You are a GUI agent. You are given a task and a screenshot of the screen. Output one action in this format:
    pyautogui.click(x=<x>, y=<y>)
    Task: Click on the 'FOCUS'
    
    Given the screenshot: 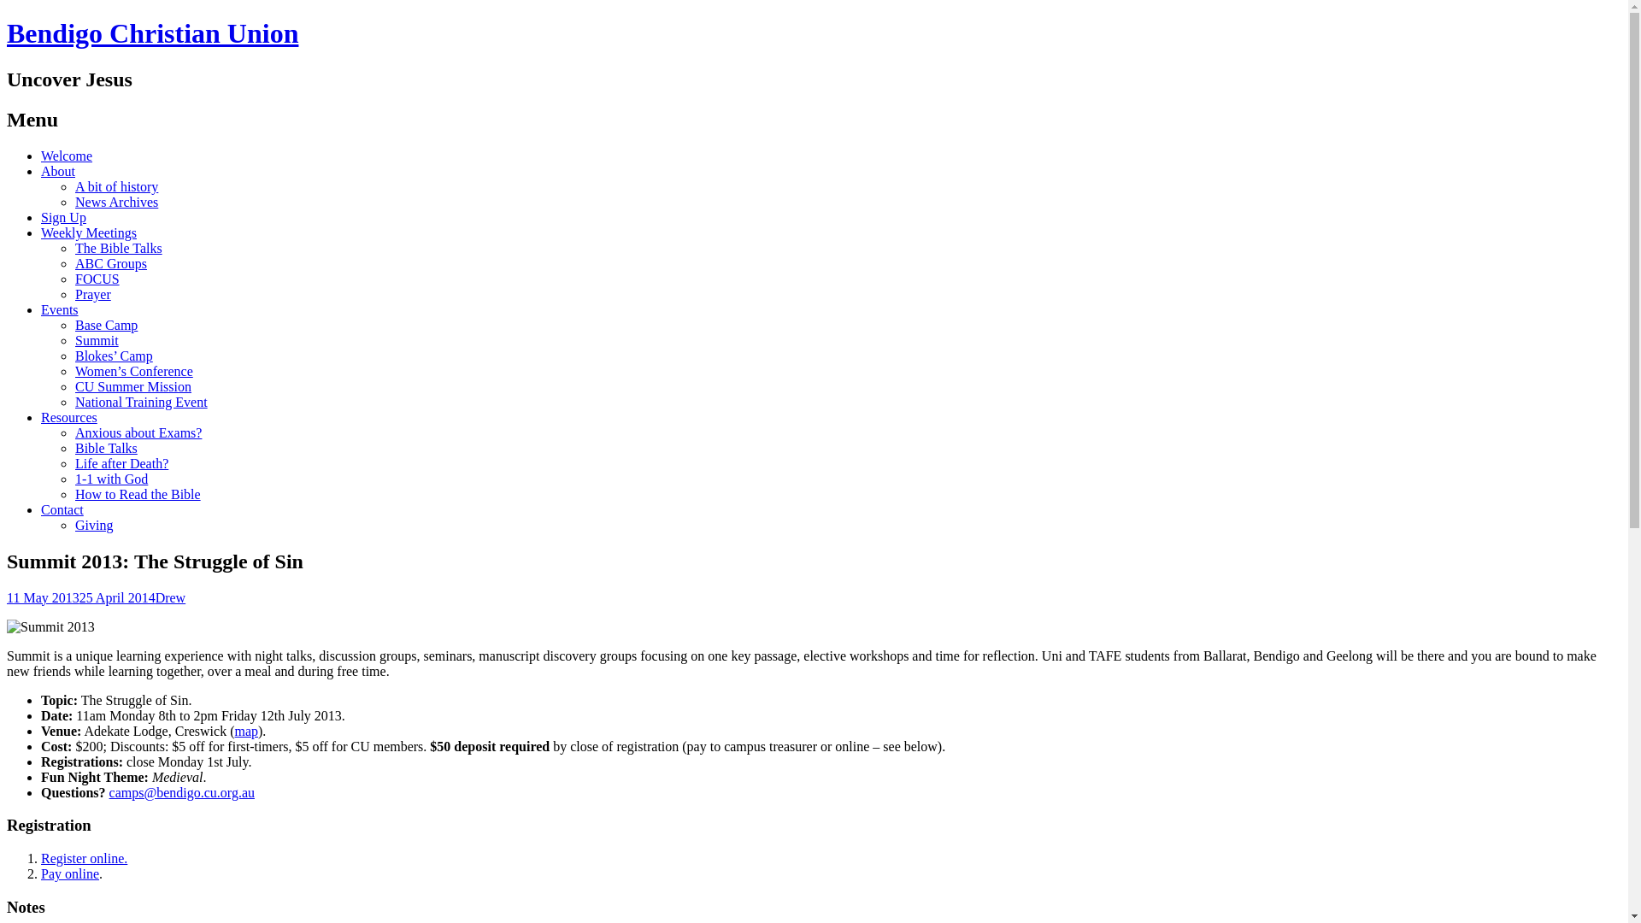 What is the action you would take?
    pyautogui.click(x=74, y=278)
    